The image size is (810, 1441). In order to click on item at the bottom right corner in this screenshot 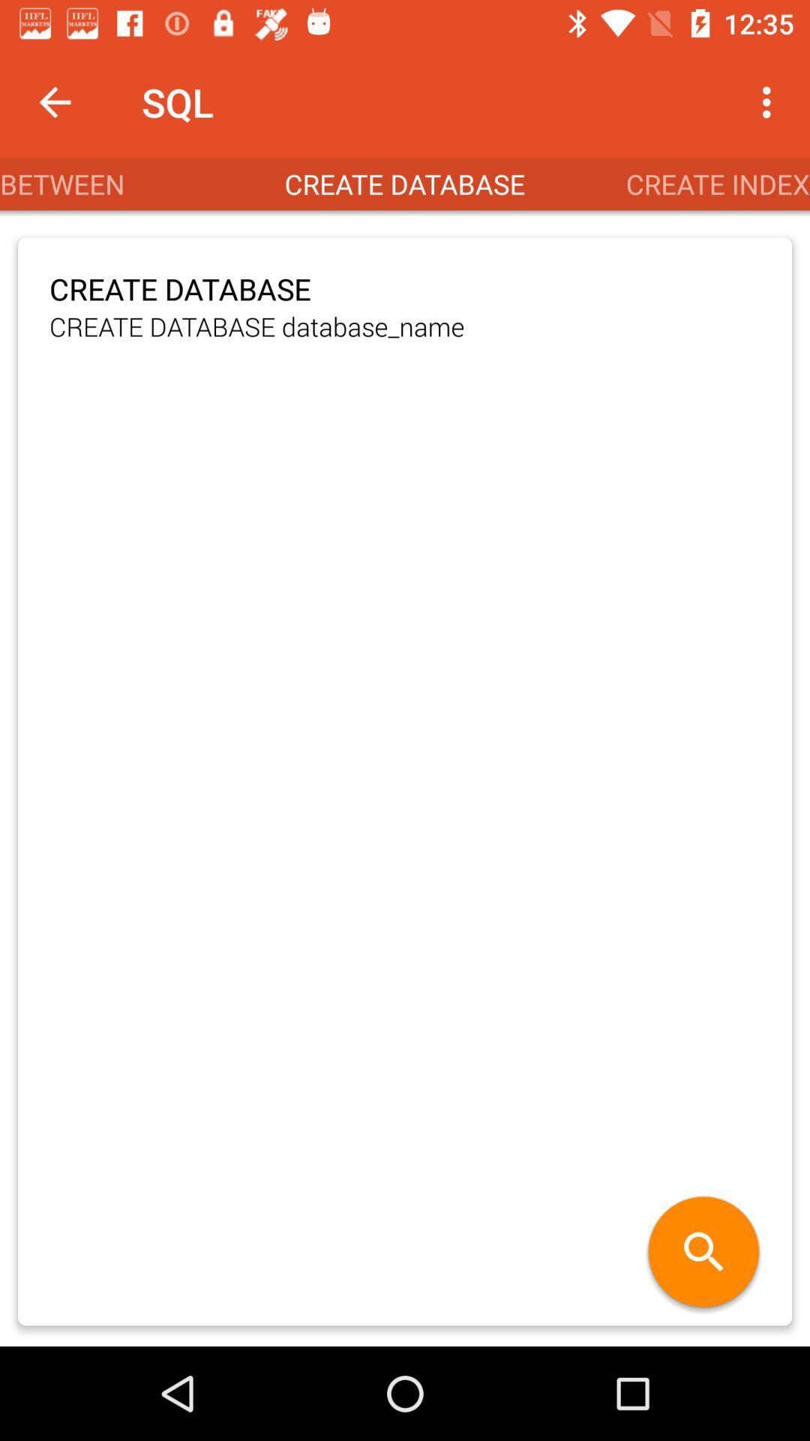, I will do `click(703, 1253)`.